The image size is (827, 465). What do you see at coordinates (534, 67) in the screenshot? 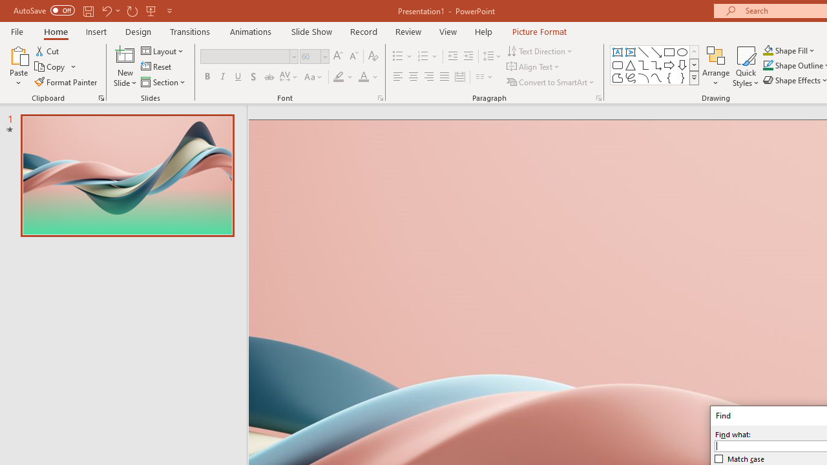
I see `'Align Text'` at bounding box center [534, 67].